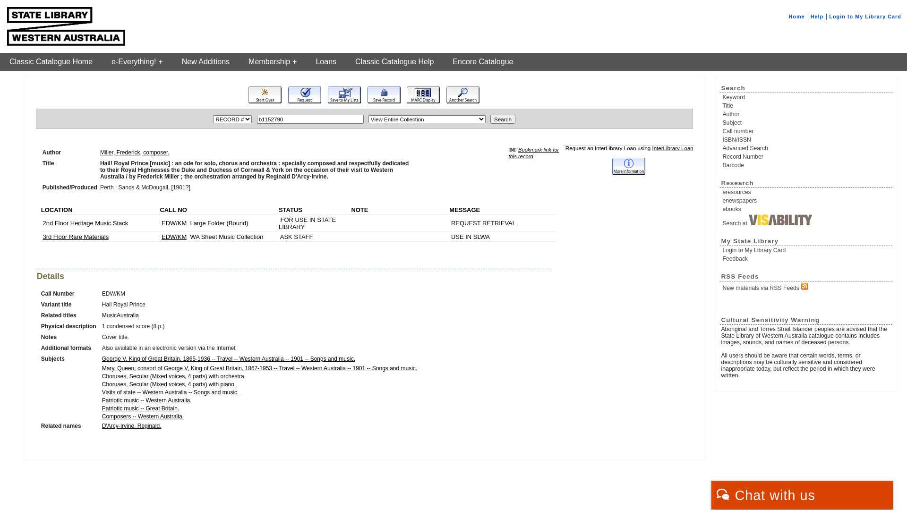 The image size is (907, 510). I want to click on 'Keyword', so click(806, 97).